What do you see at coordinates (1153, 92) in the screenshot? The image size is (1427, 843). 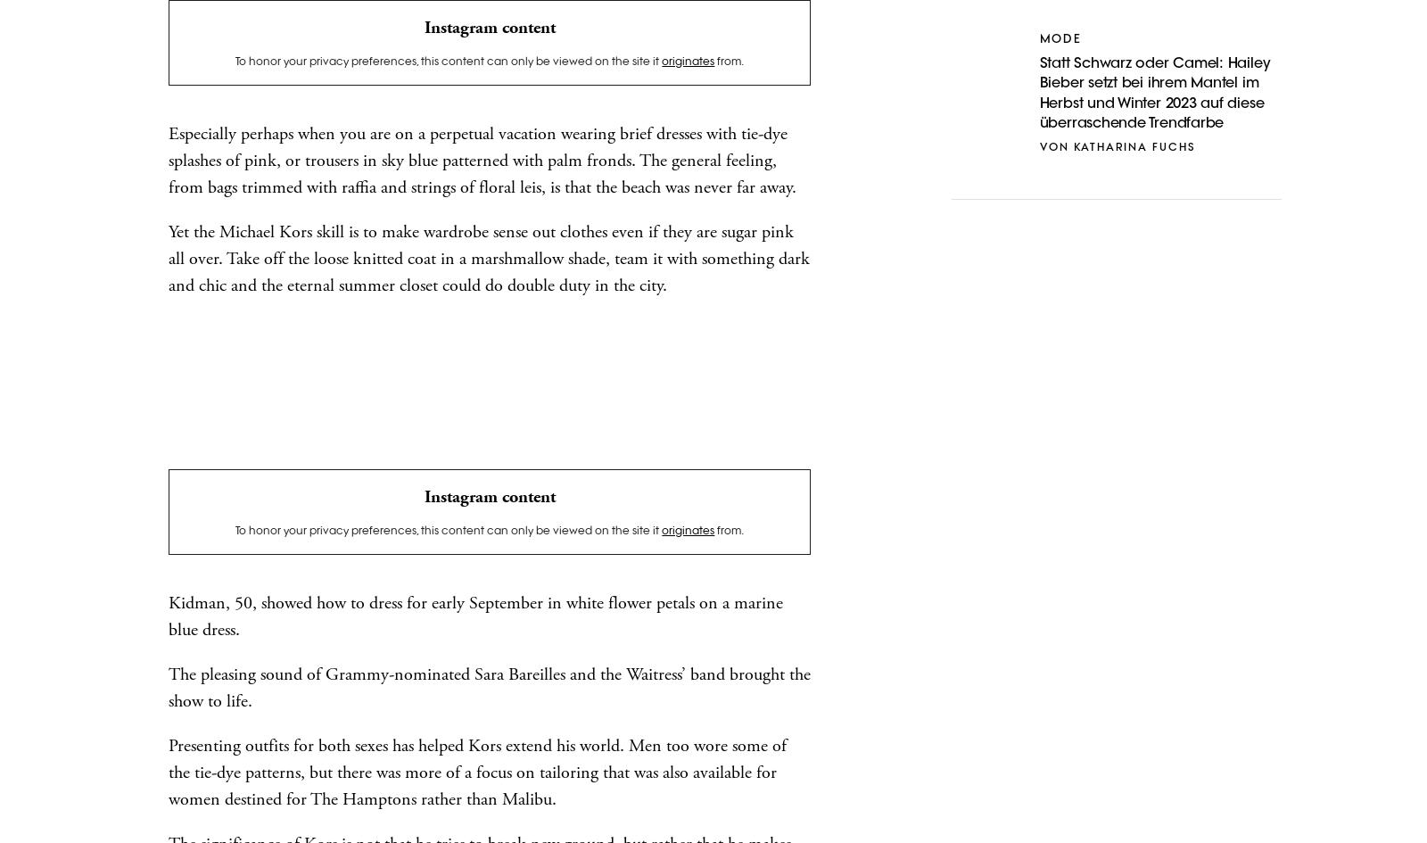 I see `'Statt Schwarz oder Camel: Hailey Bieber setzt bei ihrem Mantel im Herbst und Winter 2023 auf diese überraschende Trendfarbe'` at bounding box center [1153, 92].